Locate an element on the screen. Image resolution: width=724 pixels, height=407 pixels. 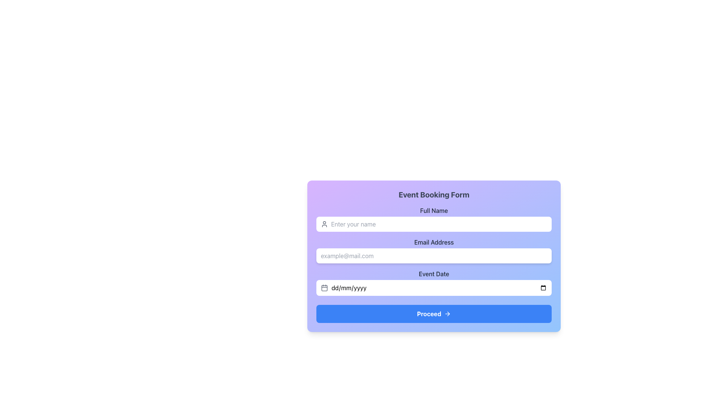
text label that provides context for the date input field located in the third row of the form, directly above it is located at coordinates (434, 274).